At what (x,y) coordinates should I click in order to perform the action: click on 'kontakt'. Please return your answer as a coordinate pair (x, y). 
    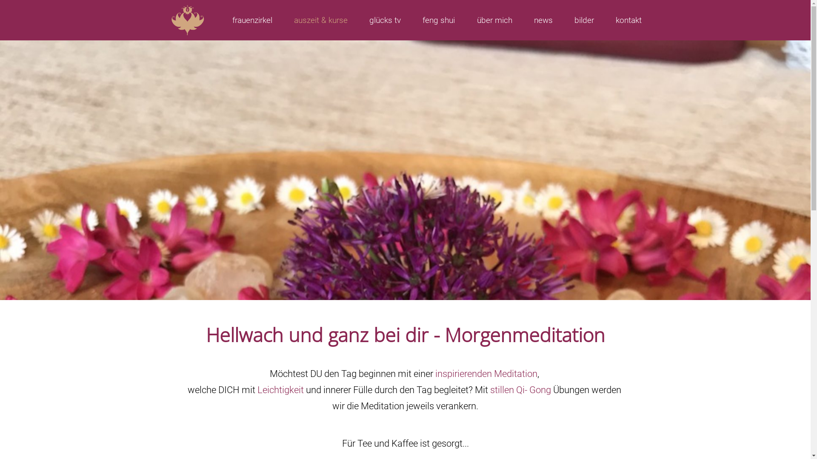
    Looking at the image, I should click on (629, 20).